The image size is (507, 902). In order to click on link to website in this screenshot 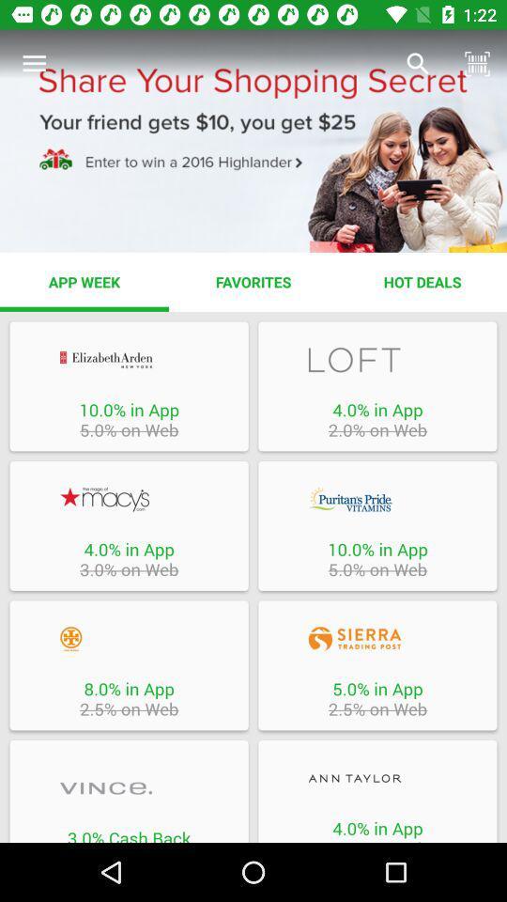, I will do `click(128, 359)`.